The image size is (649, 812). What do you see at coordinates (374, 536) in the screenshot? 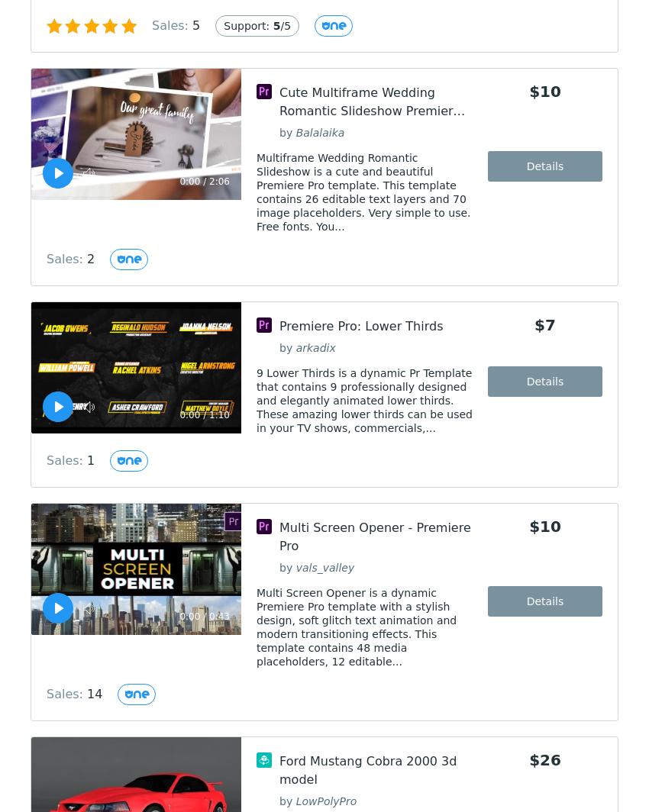
I see `'Multi Screen Opener - Premiere Pro'` at bounding box center [374, 536].